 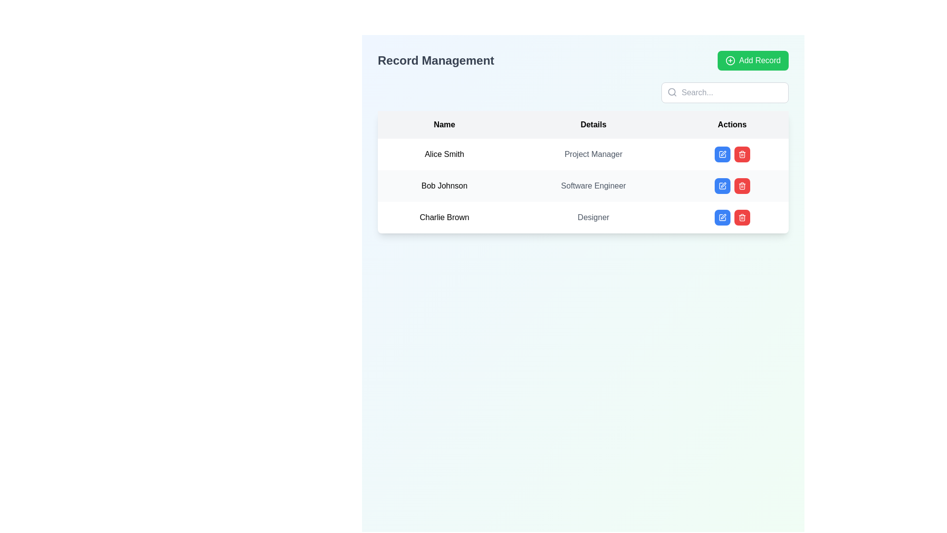 I want to click on the 'Actions' text label element, which is the third column header in a table, displaying the word 'Actions' in bold, so click(x=732, y=124).